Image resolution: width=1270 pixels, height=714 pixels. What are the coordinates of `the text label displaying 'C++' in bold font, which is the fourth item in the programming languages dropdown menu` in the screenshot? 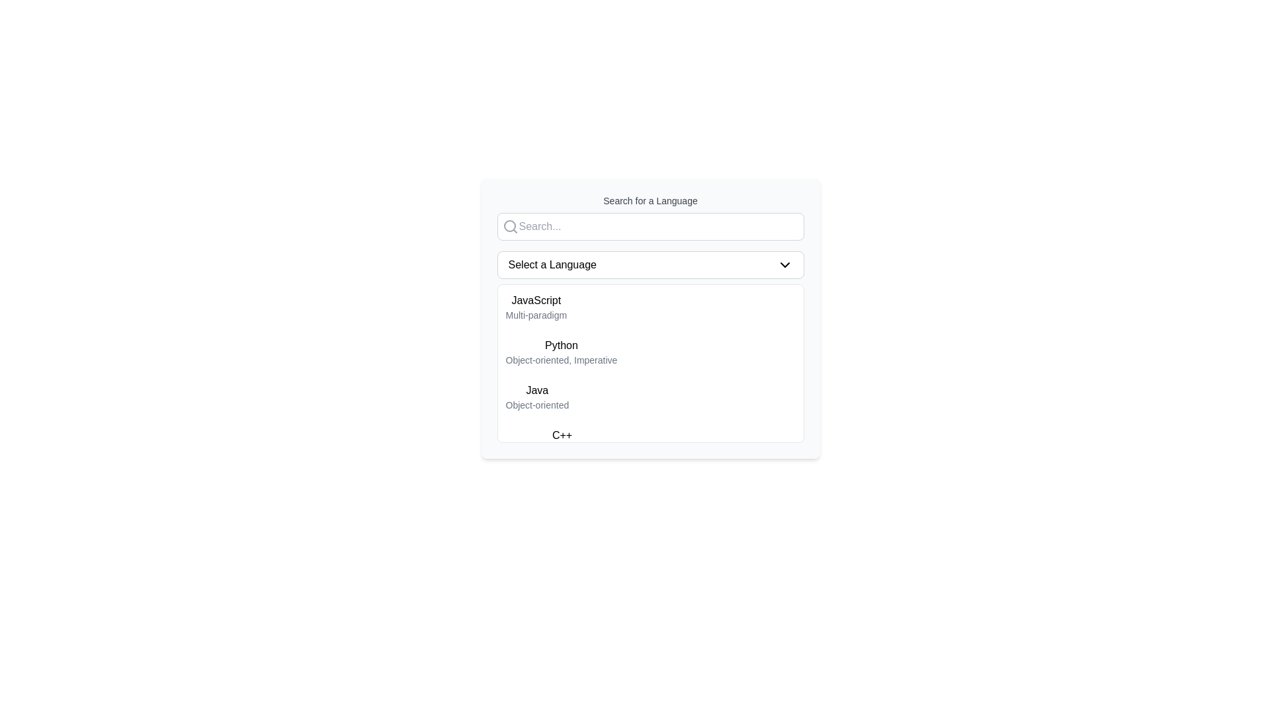 It's located at (562, 442).